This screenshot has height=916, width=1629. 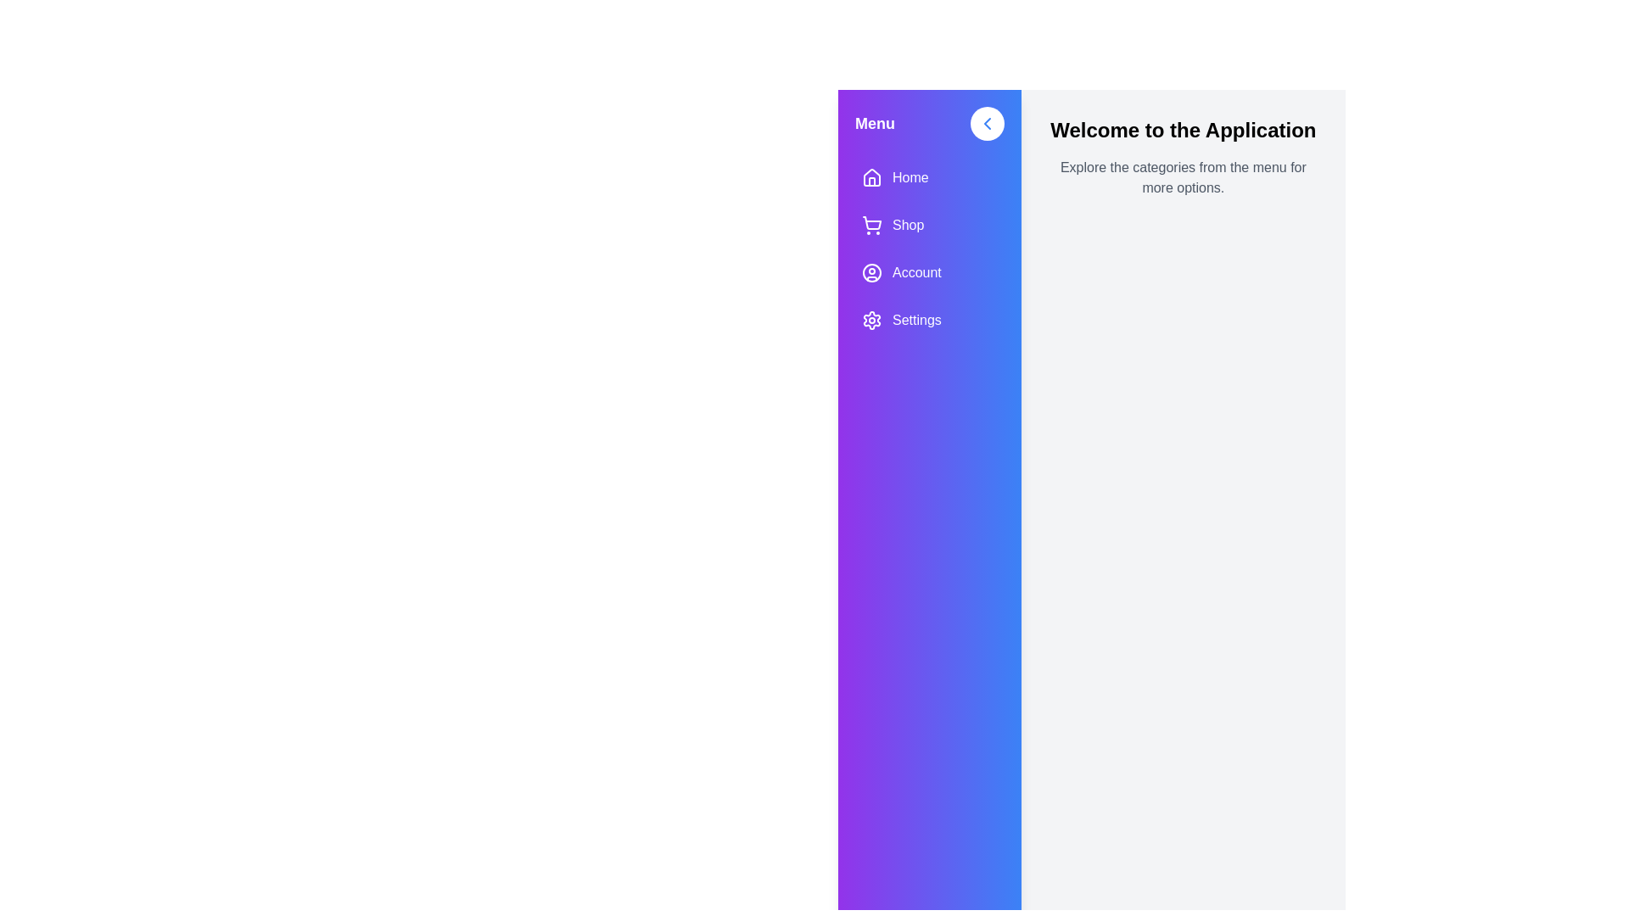 I want to click on the clickable menu item positioned as the third item in the navigation bar, which likely leads to account settings or information page, to observe potential style changes, so click(x=928, y=271).